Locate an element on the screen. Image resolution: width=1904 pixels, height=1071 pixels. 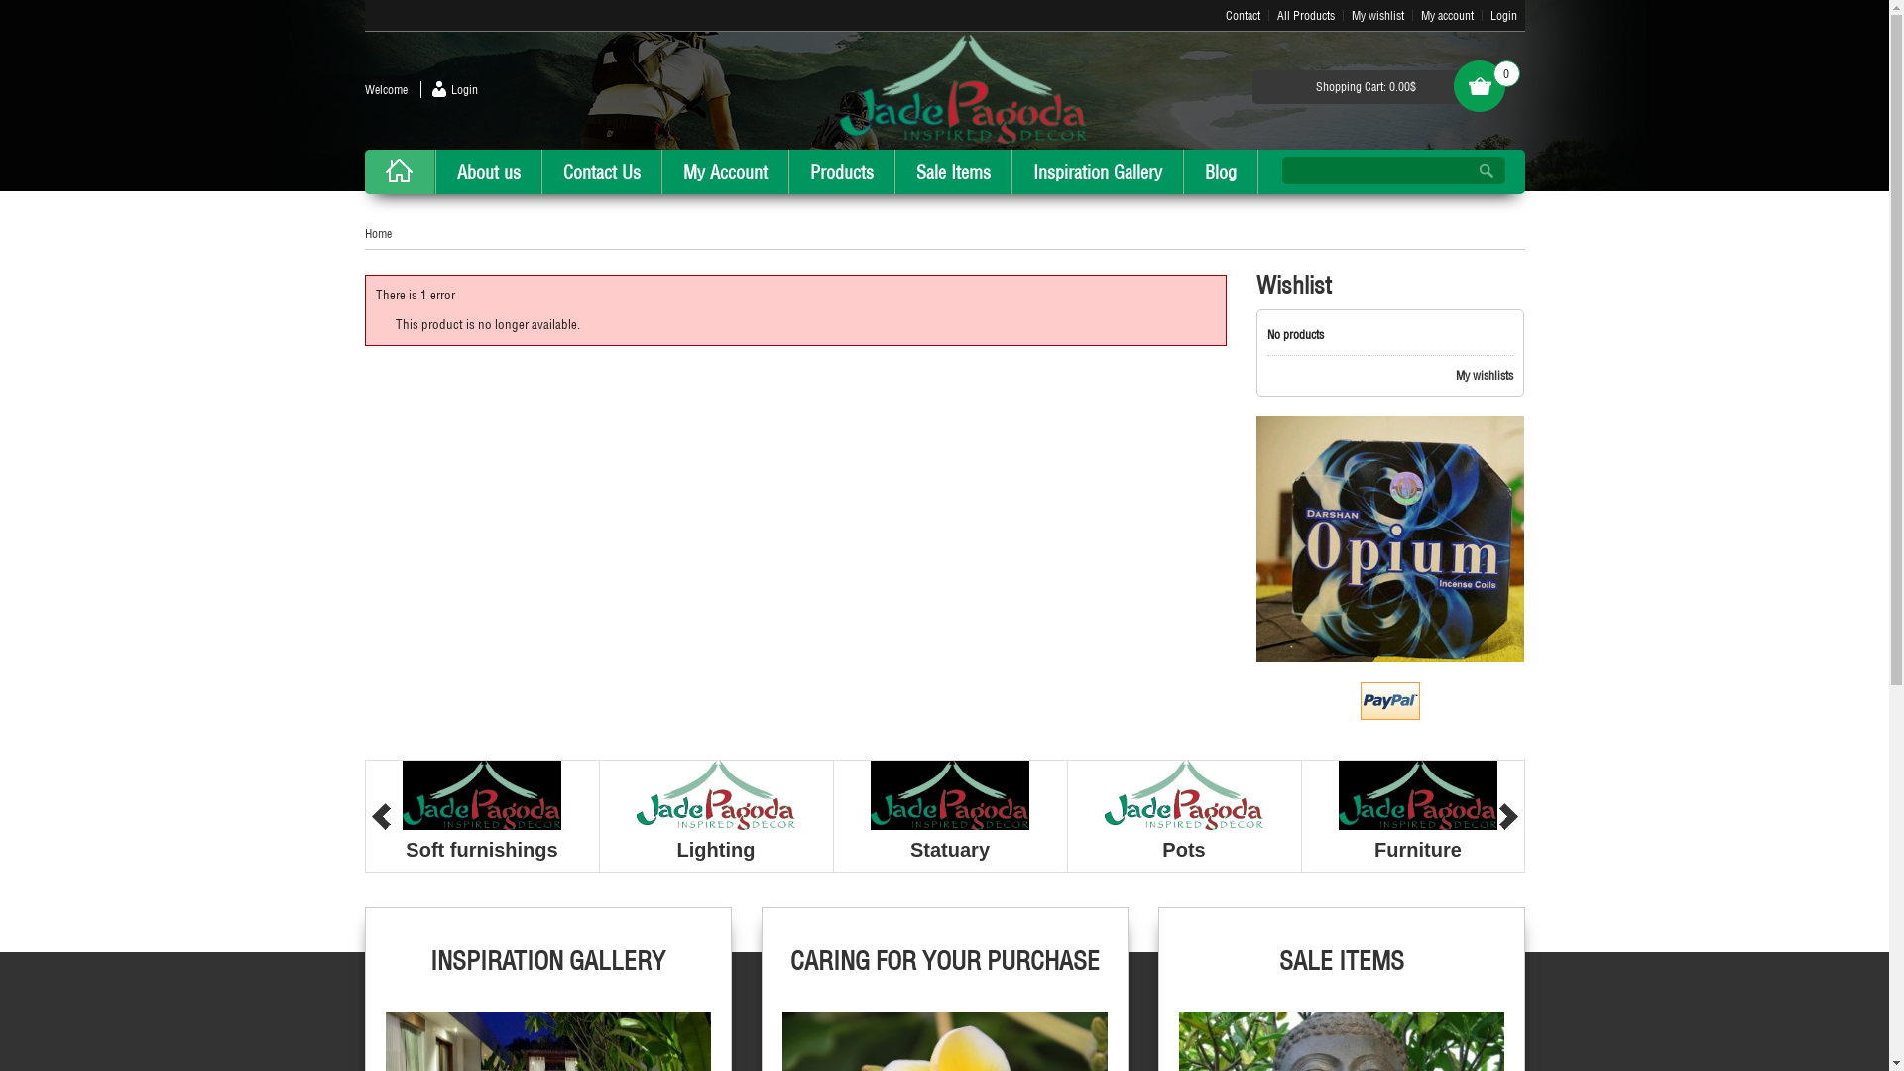
'Blog' is located at coordinates (1218, 171).